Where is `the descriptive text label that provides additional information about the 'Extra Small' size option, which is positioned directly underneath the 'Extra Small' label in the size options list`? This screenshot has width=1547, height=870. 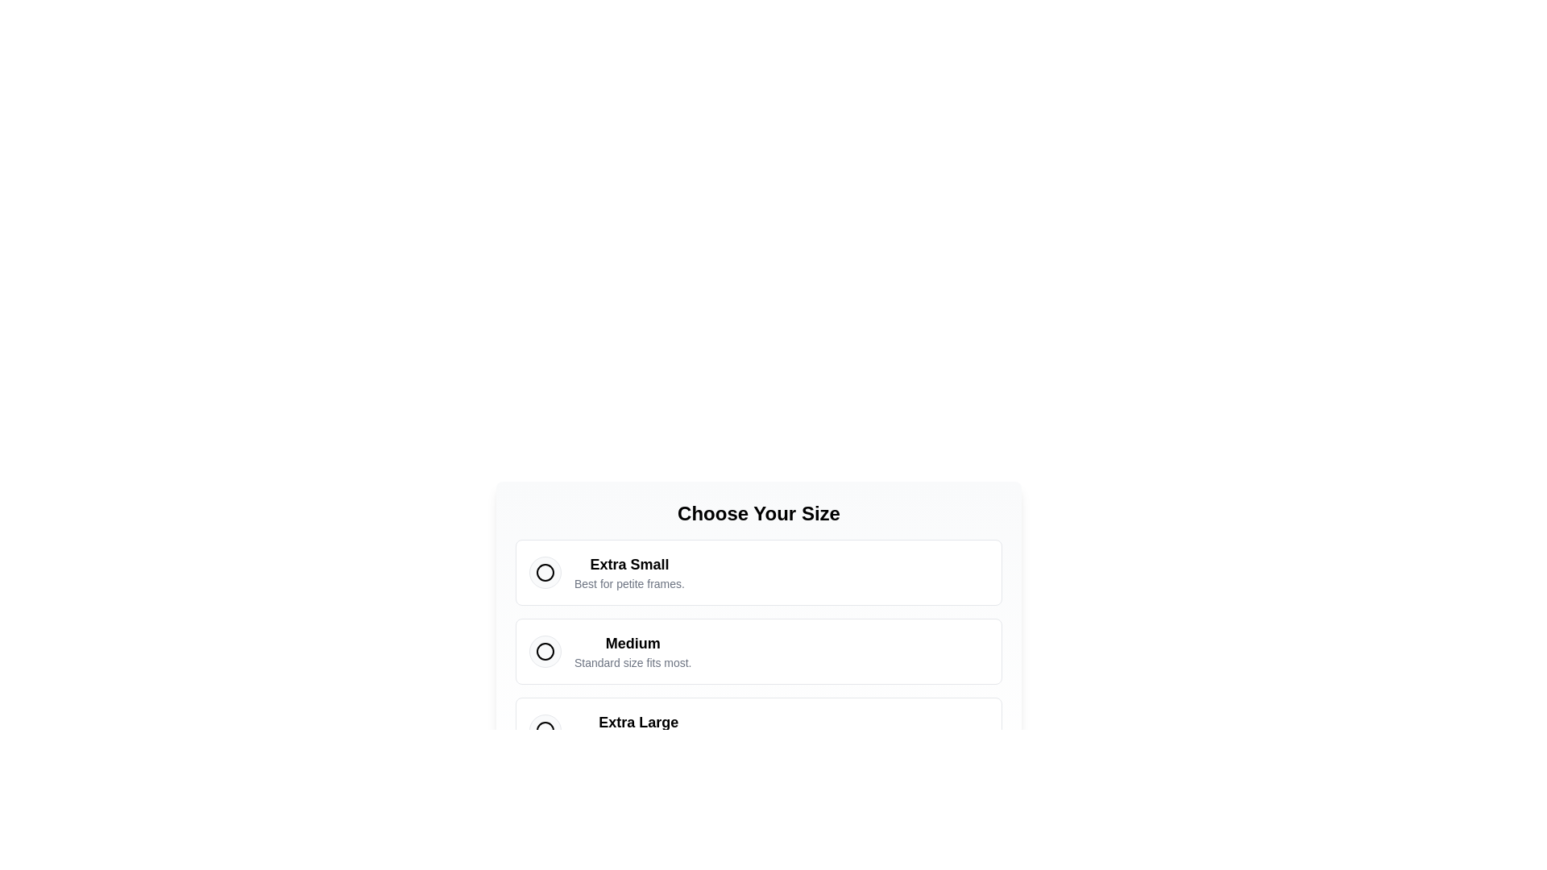 the descriptive text label that provides additional information about the 'Extra Small' size option, which is positioned directly underneath the 'Extra Small' label in the size options list is located at coordinates (628, 584).